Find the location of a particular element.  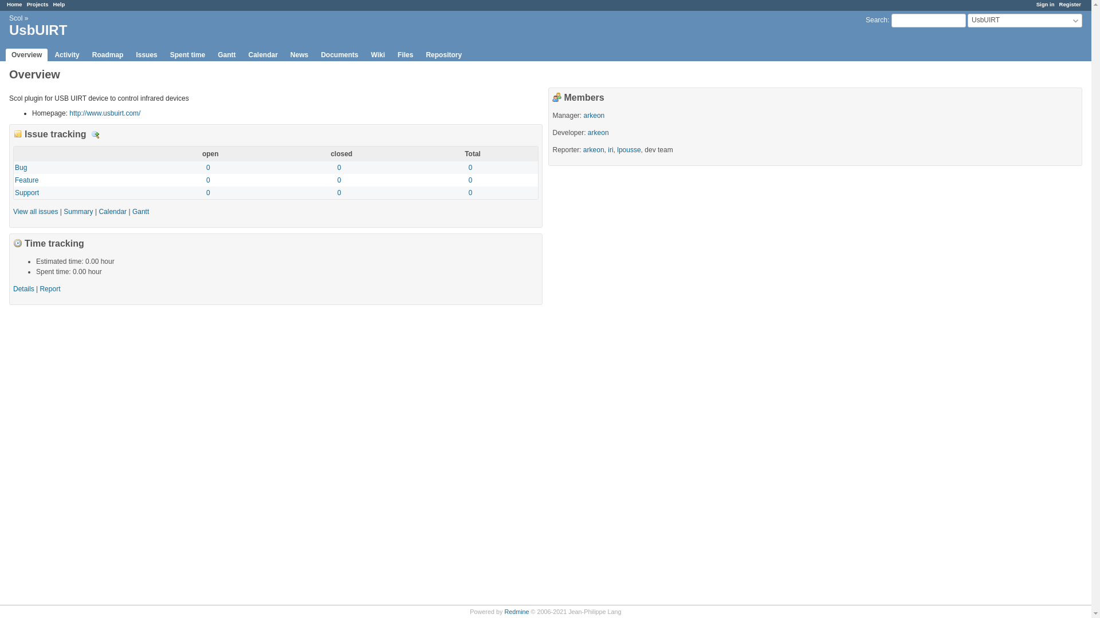

'Details' is located at coordinates (23, 288).